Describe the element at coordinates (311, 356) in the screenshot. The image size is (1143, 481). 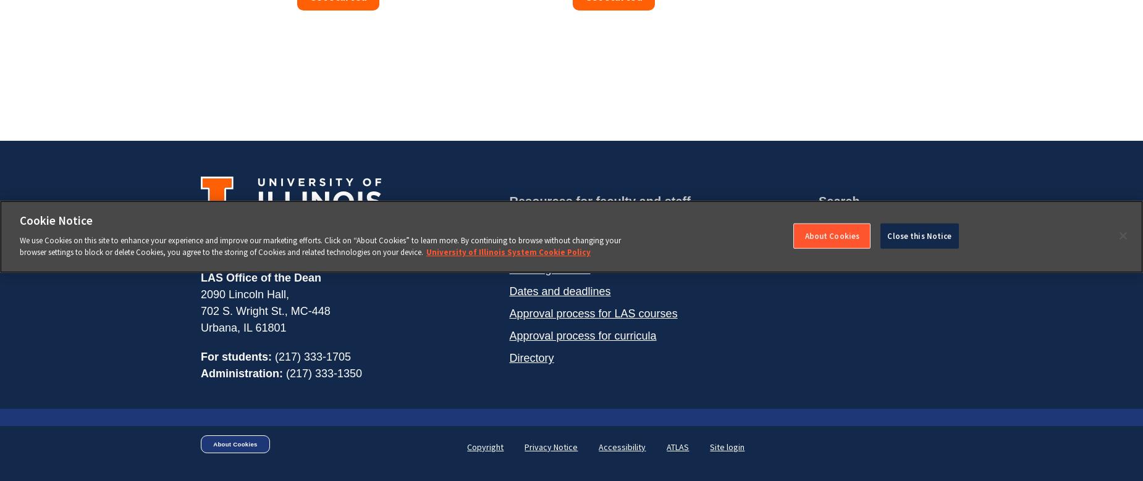
I see `'(217) 333-1705'` at that location.